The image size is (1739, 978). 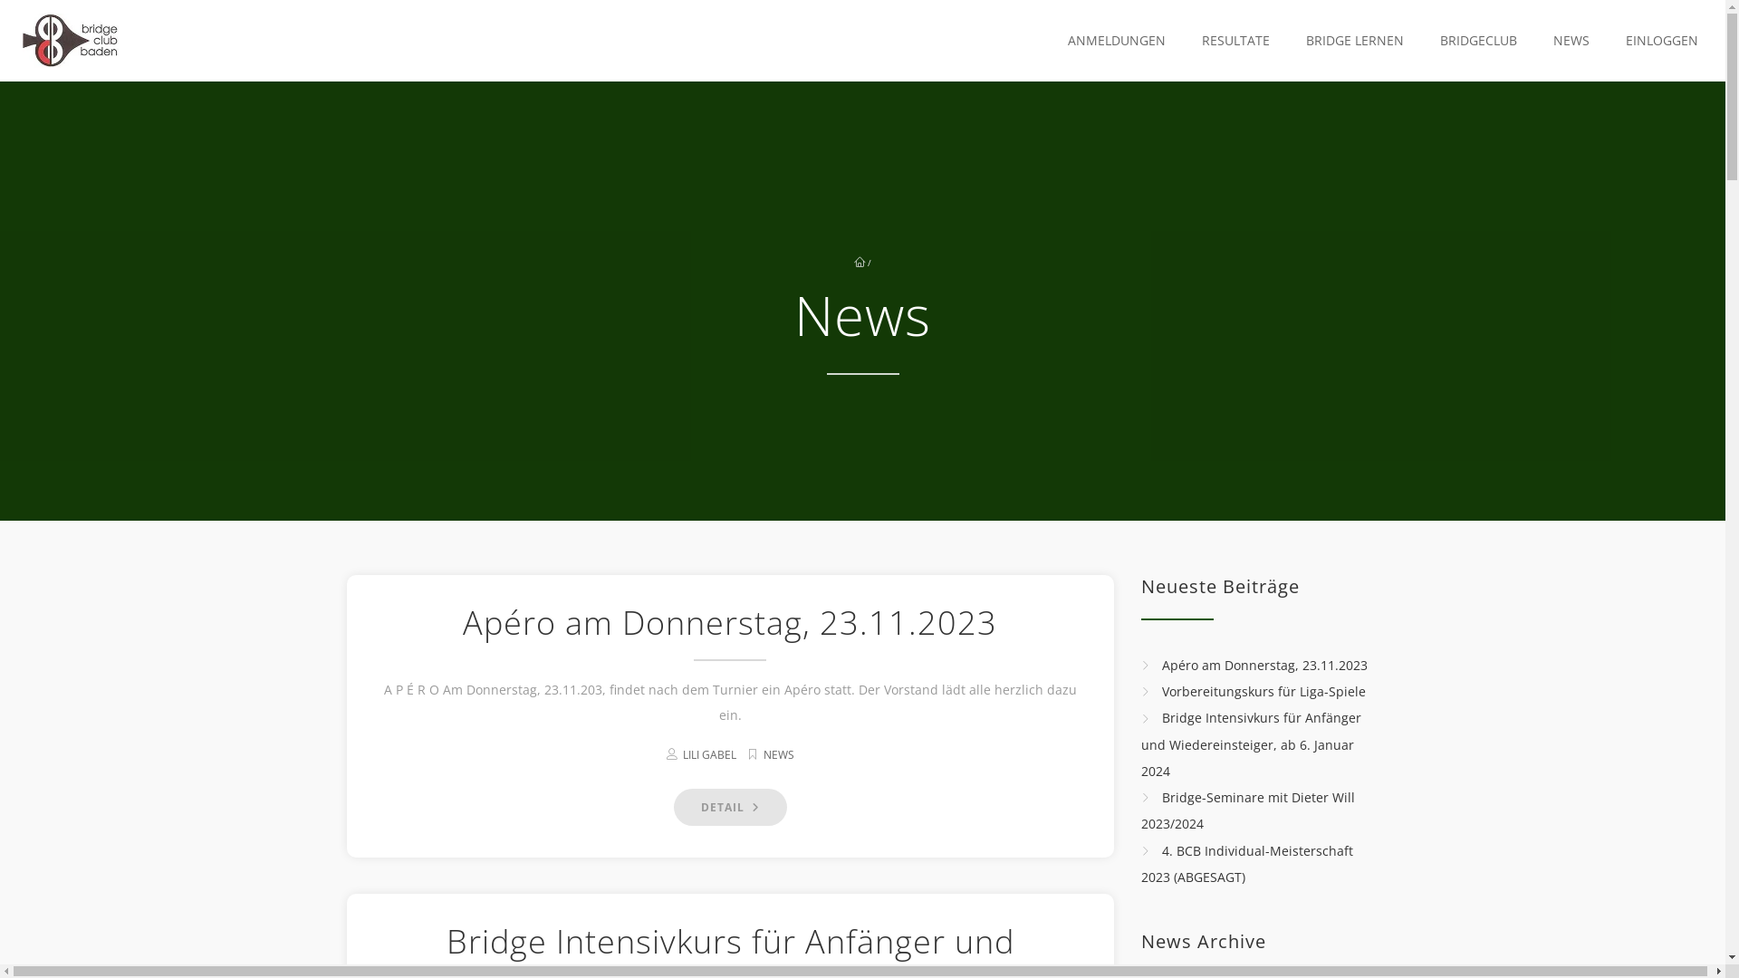 What do you see at coordinates (708, 754) in the screenshot?
I see `'LILI GABEL'` at bounding box center [708, 754].